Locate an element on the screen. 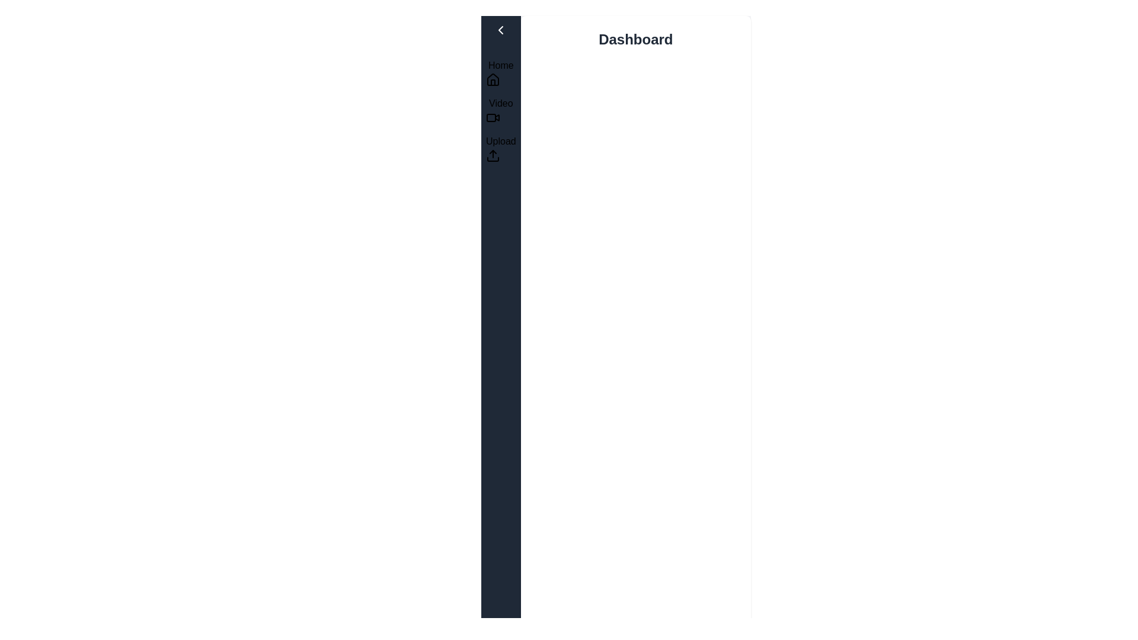 The height and width of the screenshot is (640, 1138). the third menu item in the vertical navigation menu on the left side of the interface, which triggers the upload feature tooltips or highlights is located at coordinates (501, 148).